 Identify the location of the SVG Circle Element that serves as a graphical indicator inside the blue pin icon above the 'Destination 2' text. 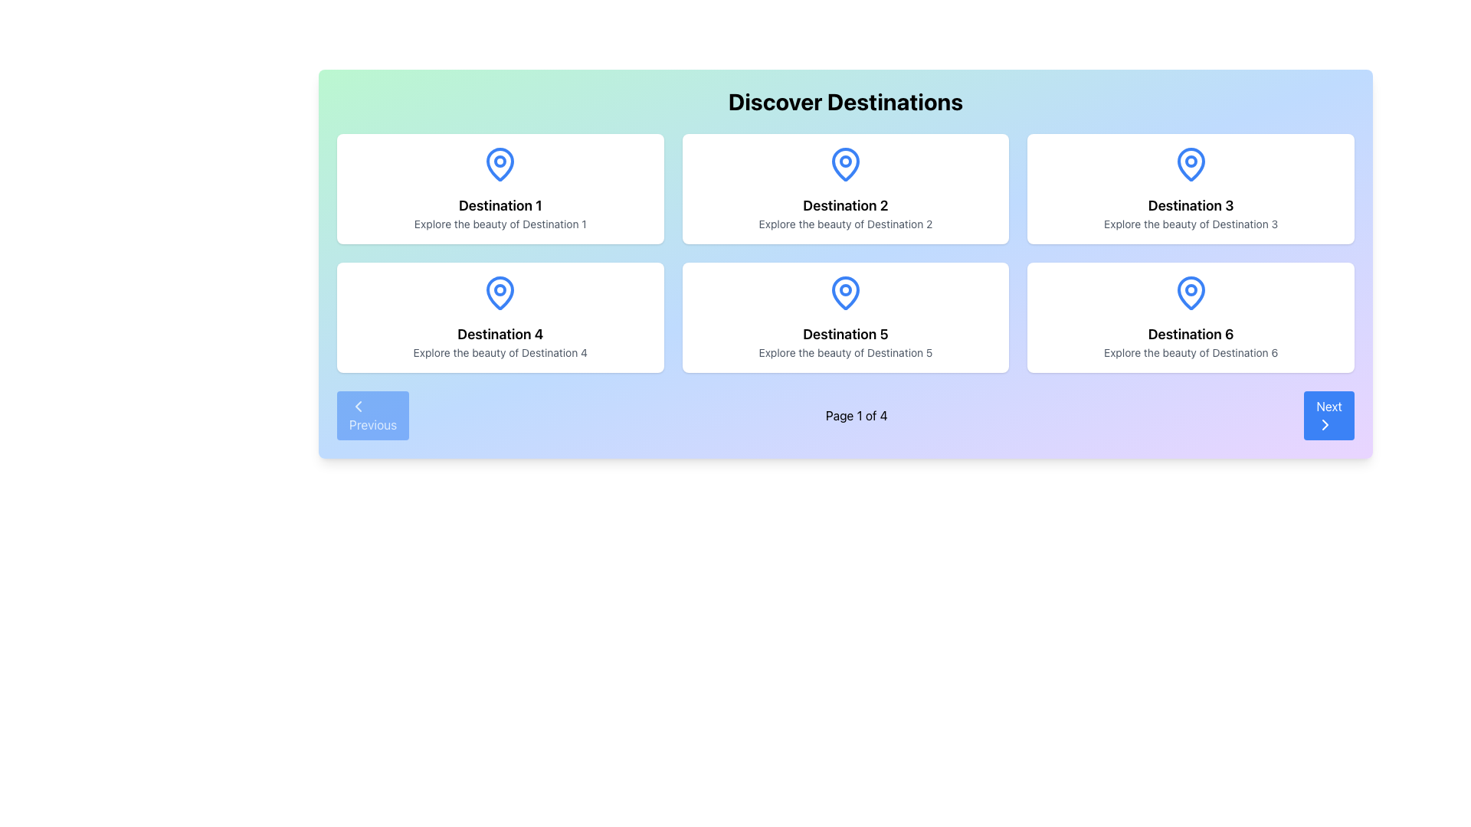
(845, 162).